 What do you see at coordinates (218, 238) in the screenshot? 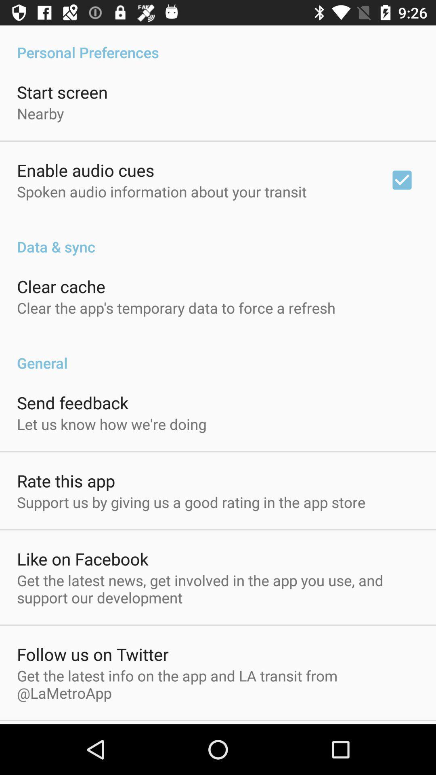
I see `icon below spoken audio information` at bounding box center [218, 238].